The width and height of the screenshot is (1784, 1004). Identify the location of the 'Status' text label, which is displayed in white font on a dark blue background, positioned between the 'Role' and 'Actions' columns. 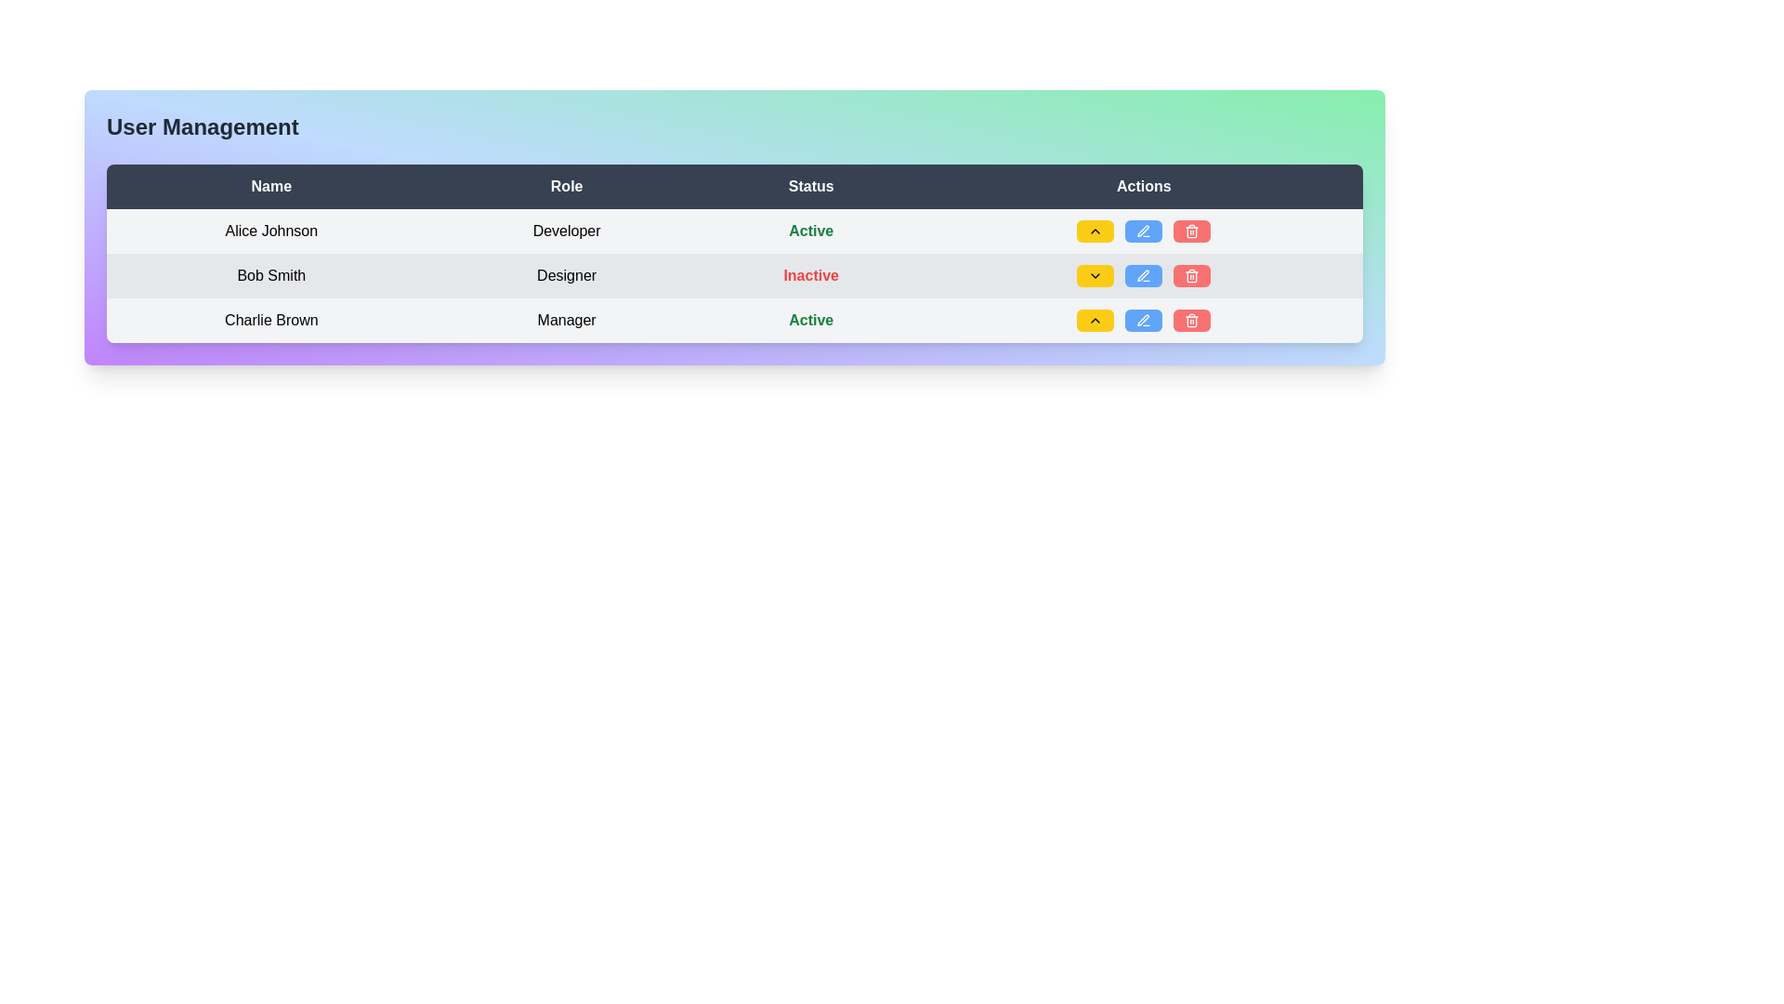
(811, 186).